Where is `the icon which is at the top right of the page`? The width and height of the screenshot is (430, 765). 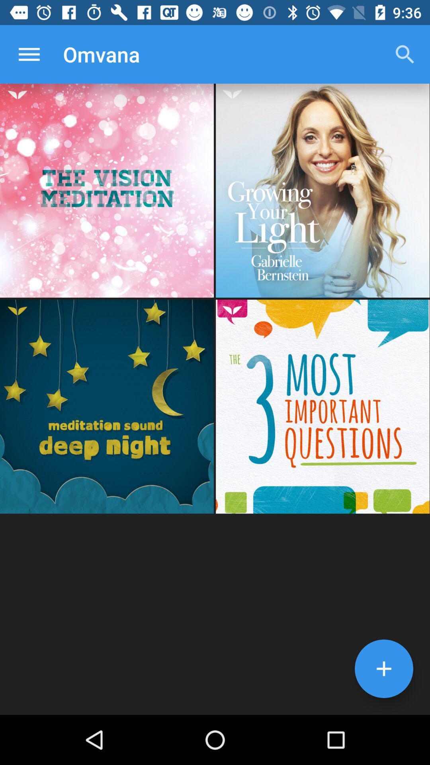 the icon which is at the top right of the page is located at coordinates (405, 54).